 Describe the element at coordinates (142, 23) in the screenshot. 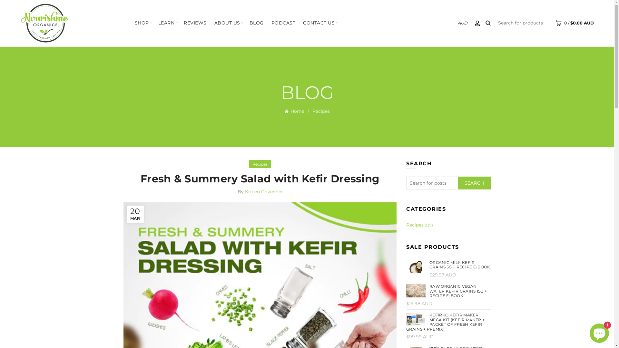

I see `'SHOP'` at that location.